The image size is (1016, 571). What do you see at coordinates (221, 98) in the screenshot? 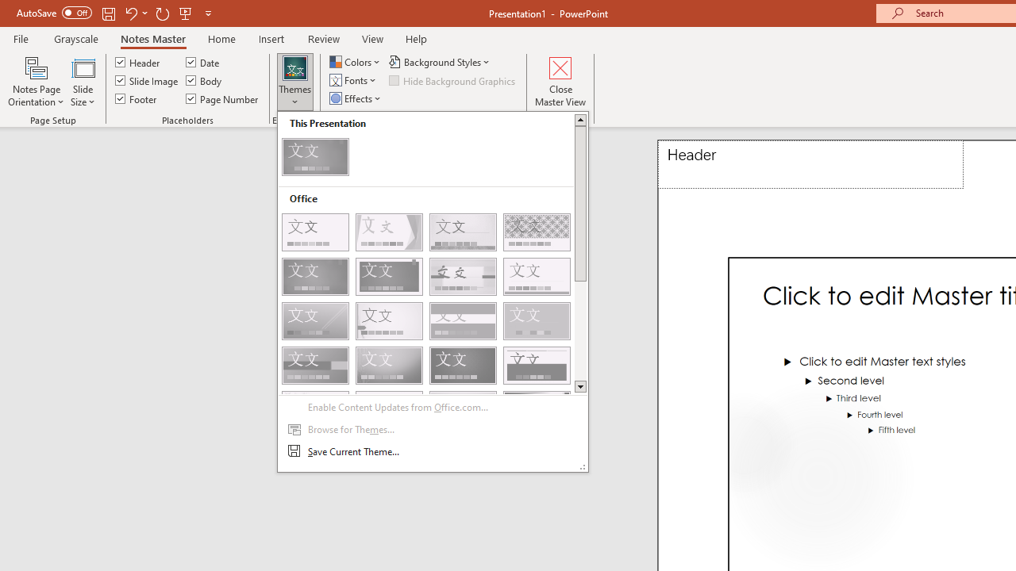
I see `'Page Number'` at bounding box center [221, 98].